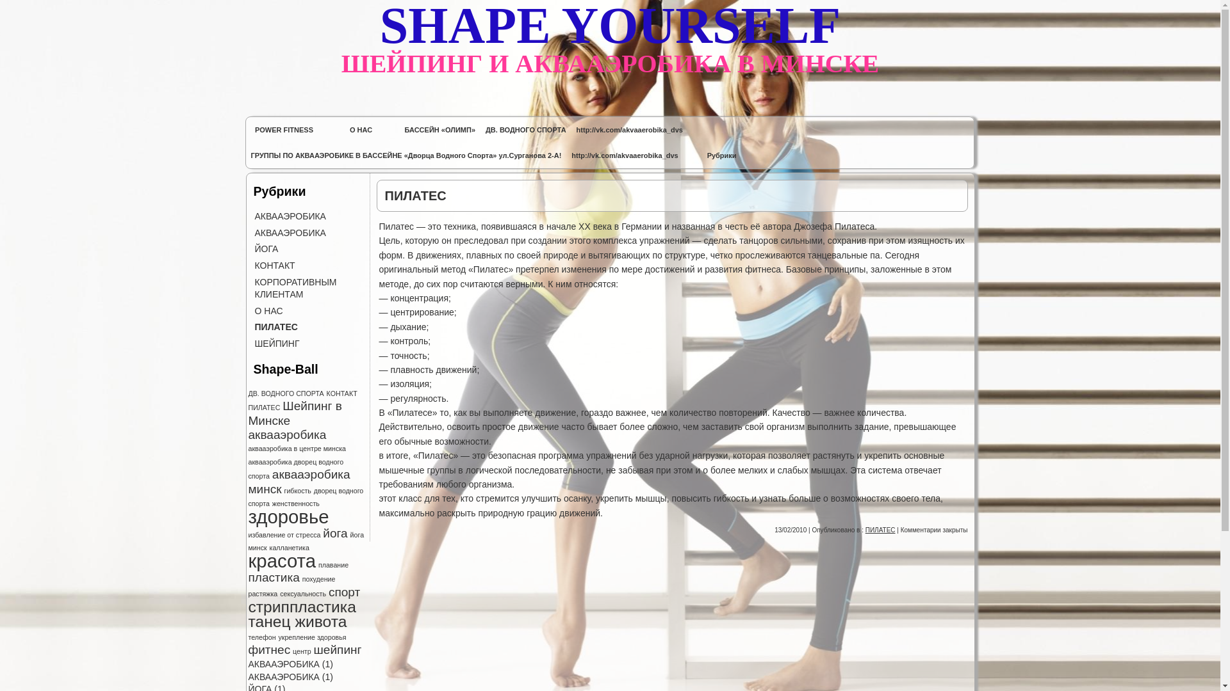 Image resolution: width=1230 pixels, height=691 pixels. I want to click on 'POWER FITNESS', so click(284, 130).